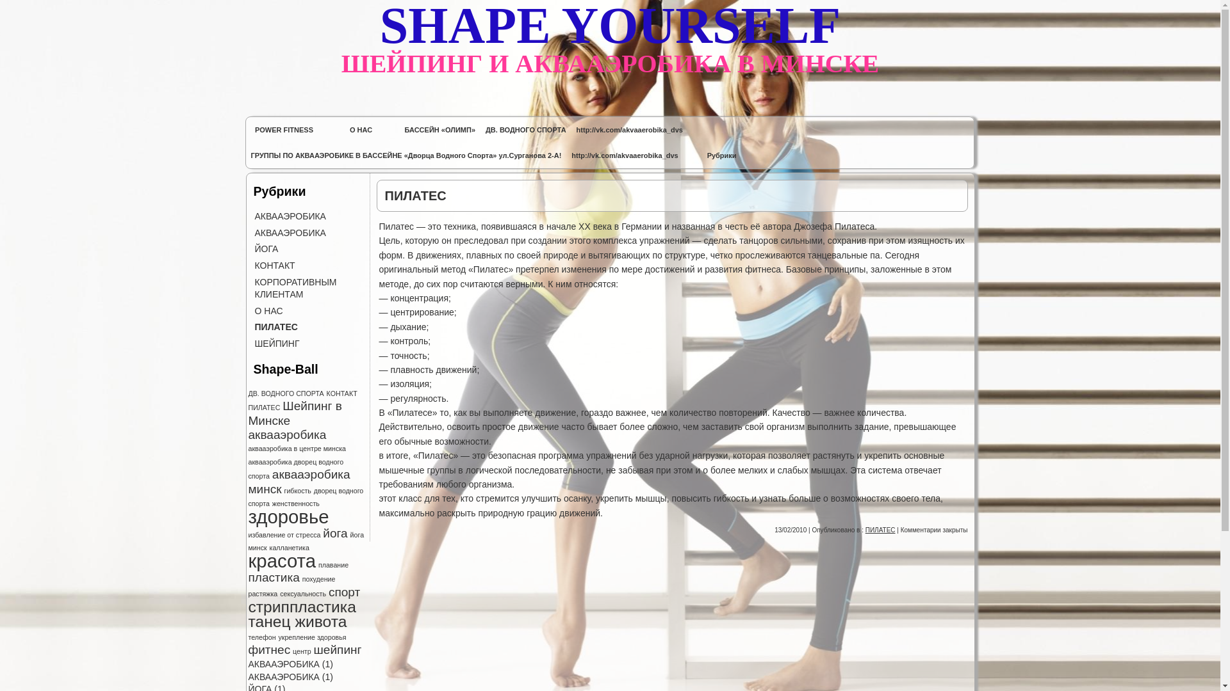 Image resolution: width=1230 pixels, height=691 pixels. I want to click on 'POWER FITNESS', so click(284, 130).